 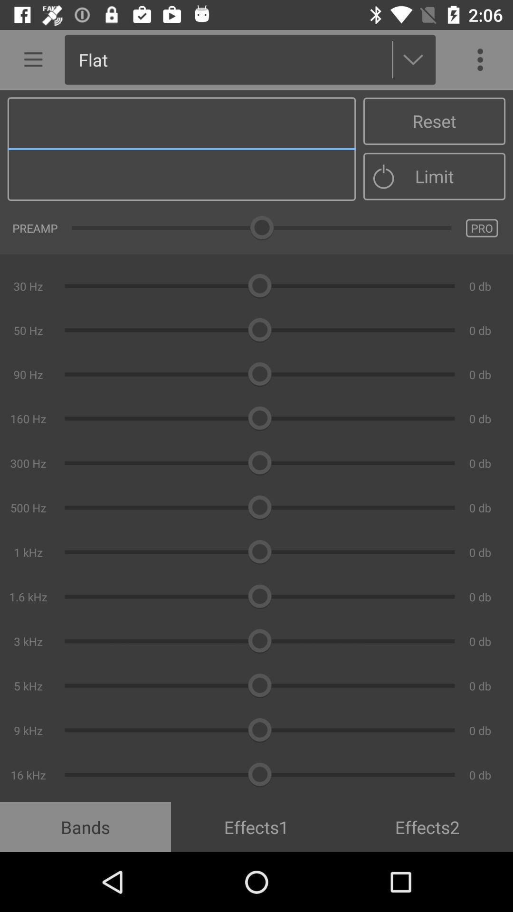 What do you see at coordinates (434, 121) in the screenshot?
I see `the reset item` at bounding box center [434, 121].